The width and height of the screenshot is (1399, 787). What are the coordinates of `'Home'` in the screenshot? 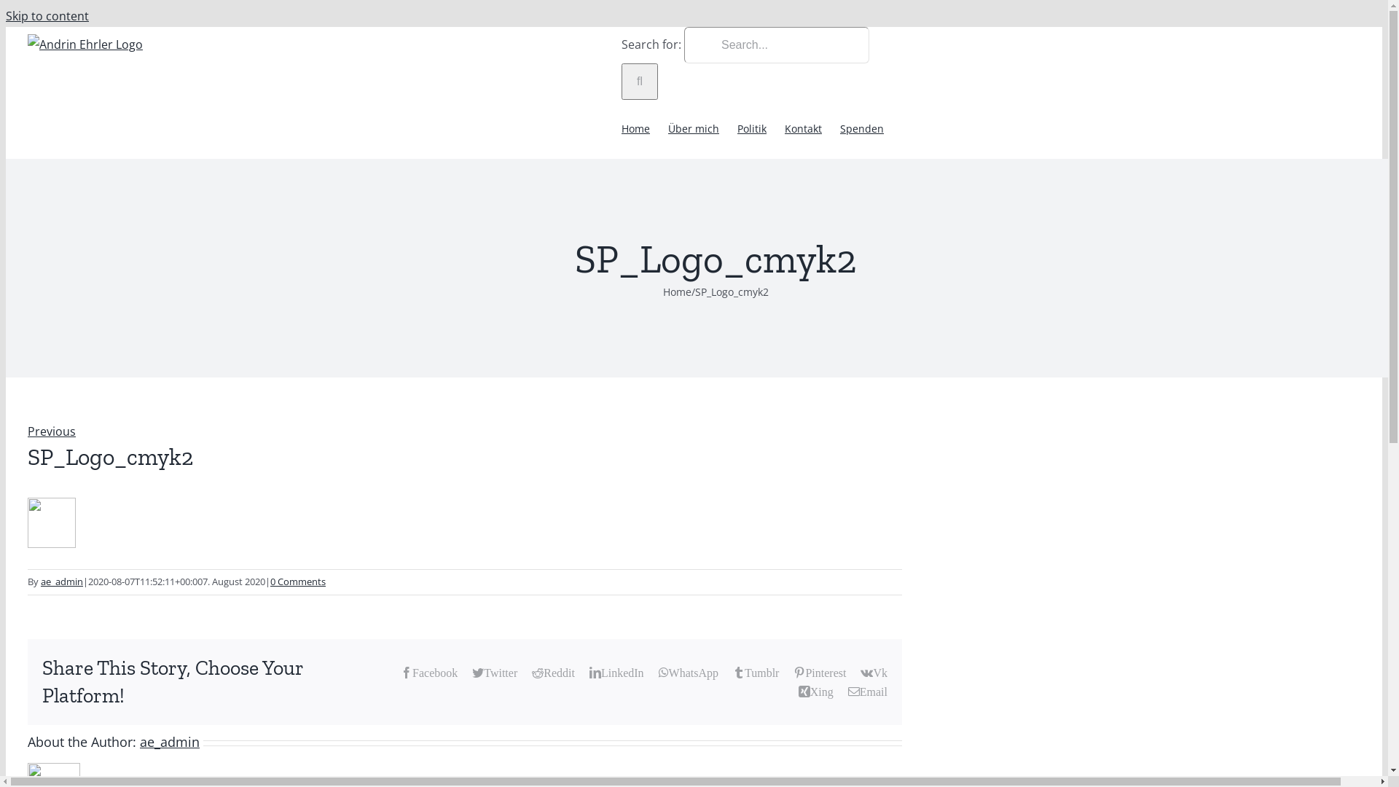 It's located at (635, 128).